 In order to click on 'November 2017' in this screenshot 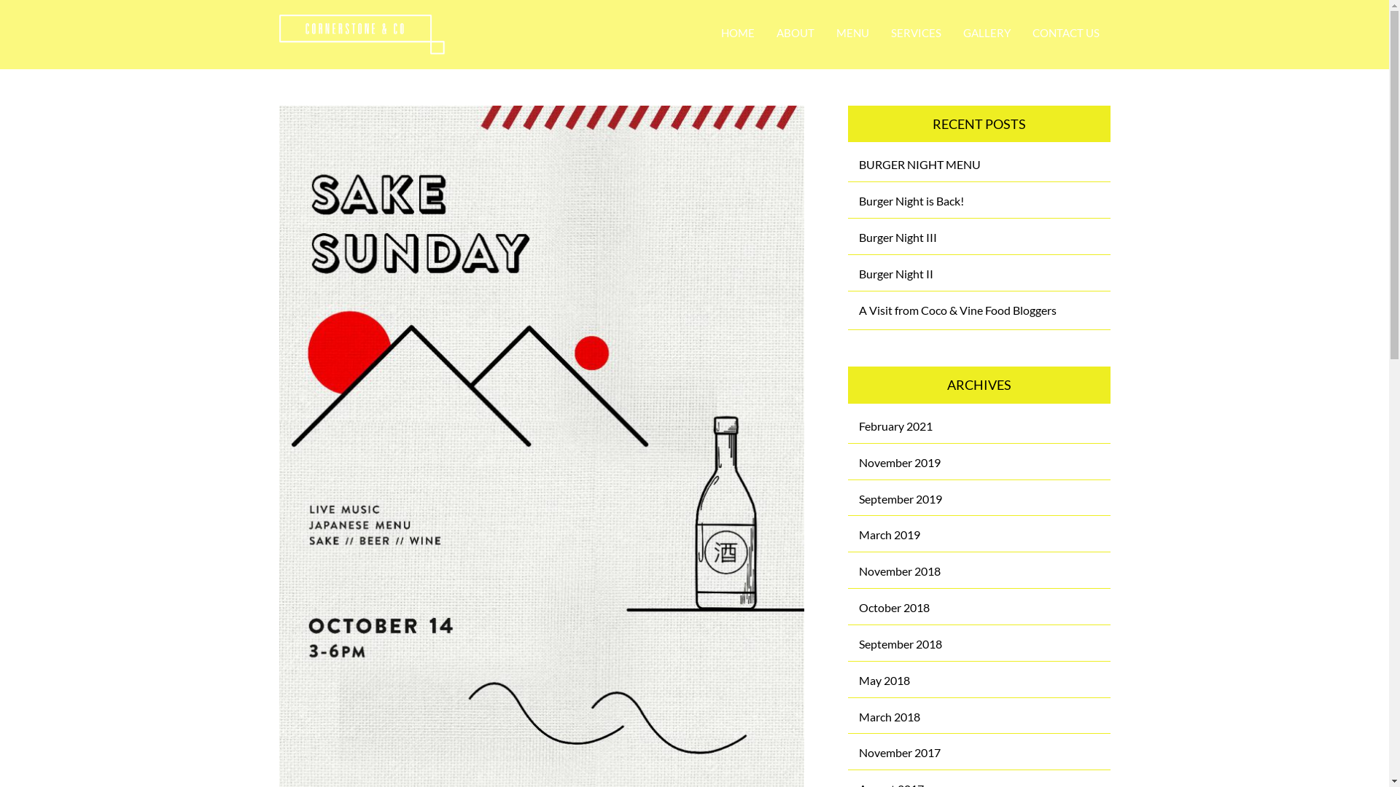, I will do `click(898, 752)`.